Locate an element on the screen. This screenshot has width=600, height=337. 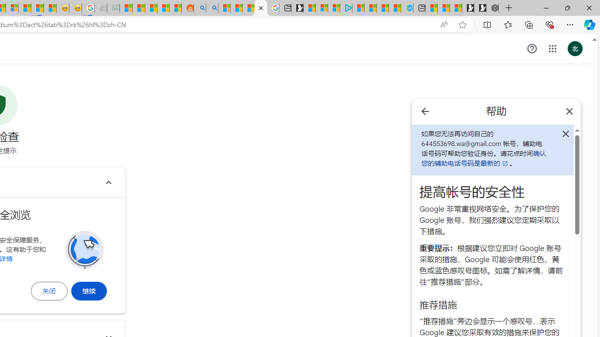
'Class: gb_E' is located at coordinates (552, 49).